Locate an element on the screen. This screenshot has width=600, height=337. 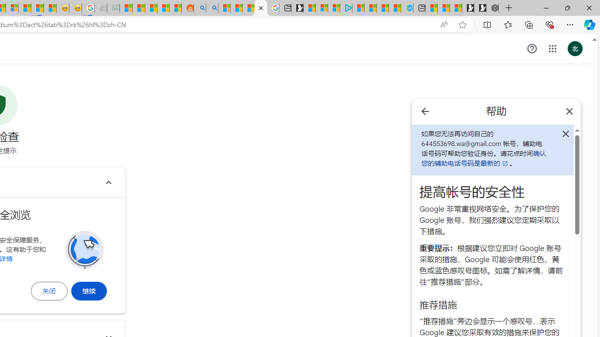
'Class: gb_E' is located at coordinates (552, 49).